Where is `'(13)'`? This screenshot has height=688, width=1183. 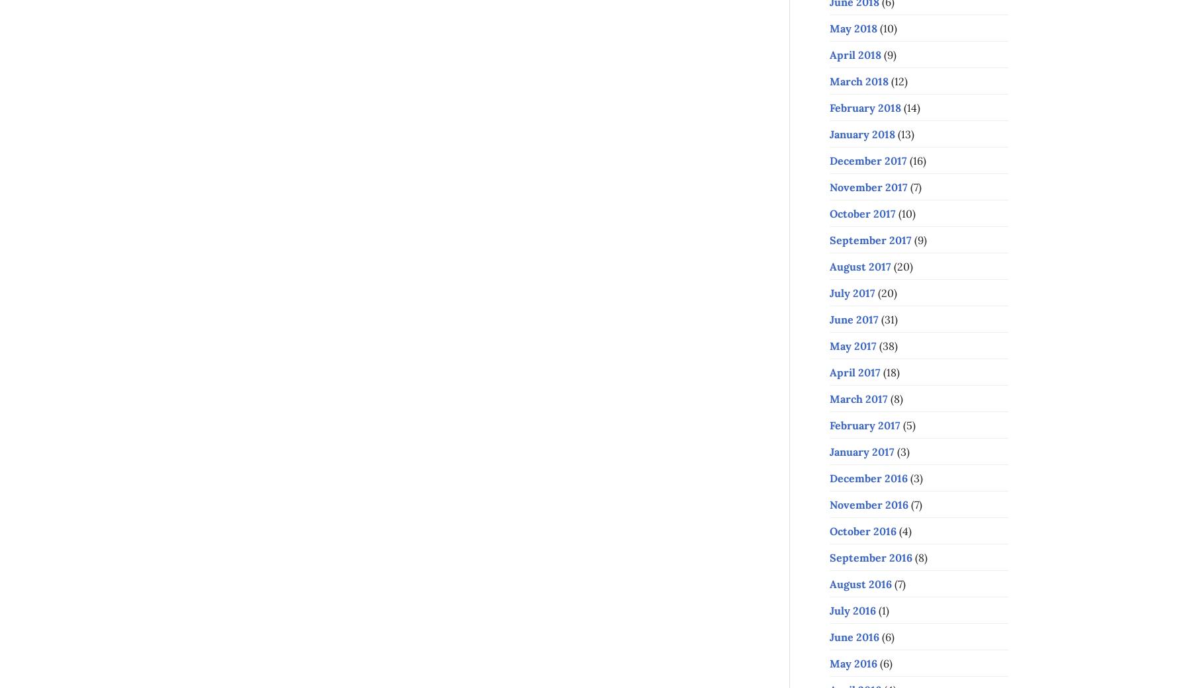 '(13)' is located at coordinates (895, 133).